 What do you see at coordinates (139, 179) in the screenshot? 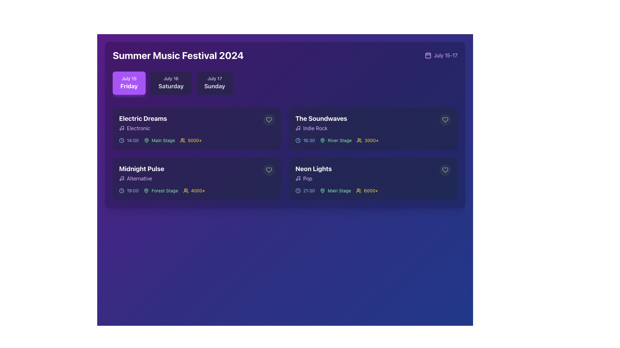
I see `the text label that reads 'Alternative', styled in light purple against a dark background, located inside the 'Midnight Pulse' card` at bounding box center [139, 179].